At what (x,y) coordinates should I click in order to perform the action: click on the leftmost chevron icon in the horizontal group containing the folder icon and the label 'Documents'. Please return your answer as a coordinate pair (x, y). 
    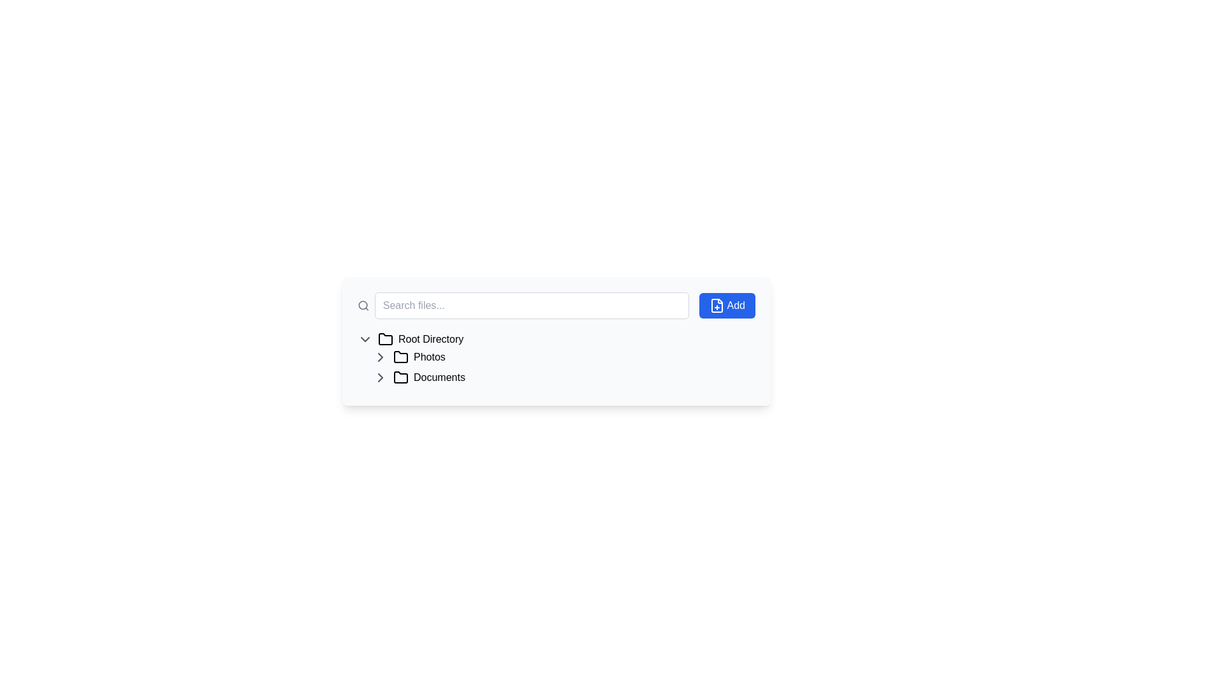
    Looking at the image, I should click on (379, 377).